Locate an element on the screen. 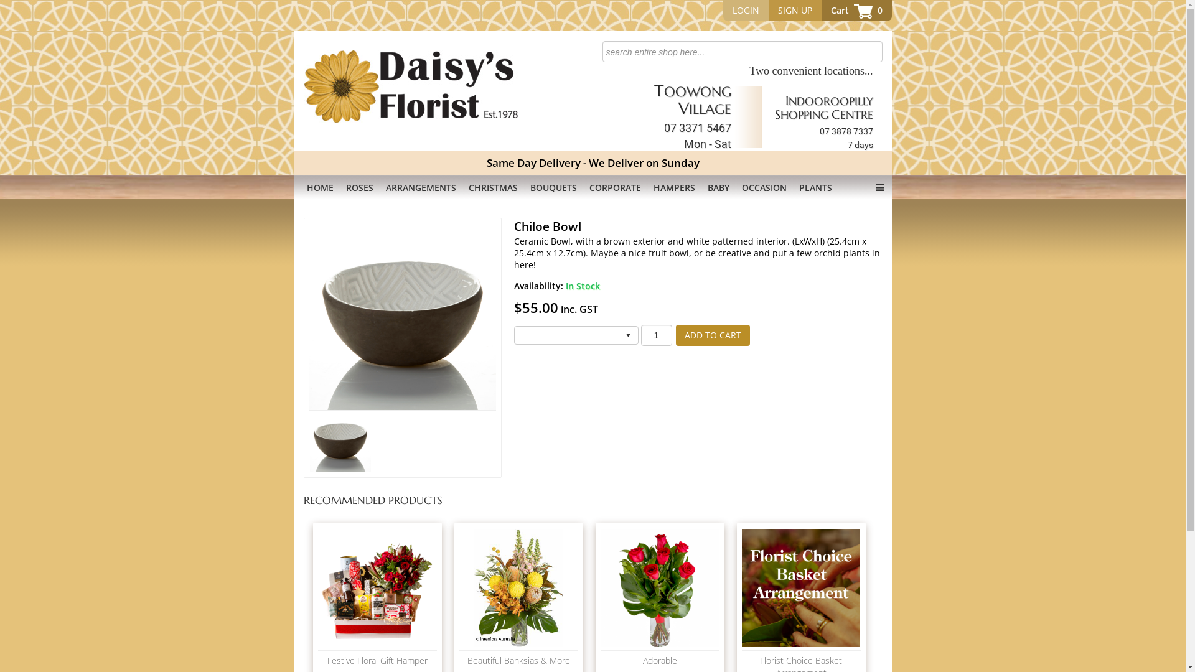 This screenshot has width=1195, height=672. 'BOUQUETS' is located at coordinates (553, 187).